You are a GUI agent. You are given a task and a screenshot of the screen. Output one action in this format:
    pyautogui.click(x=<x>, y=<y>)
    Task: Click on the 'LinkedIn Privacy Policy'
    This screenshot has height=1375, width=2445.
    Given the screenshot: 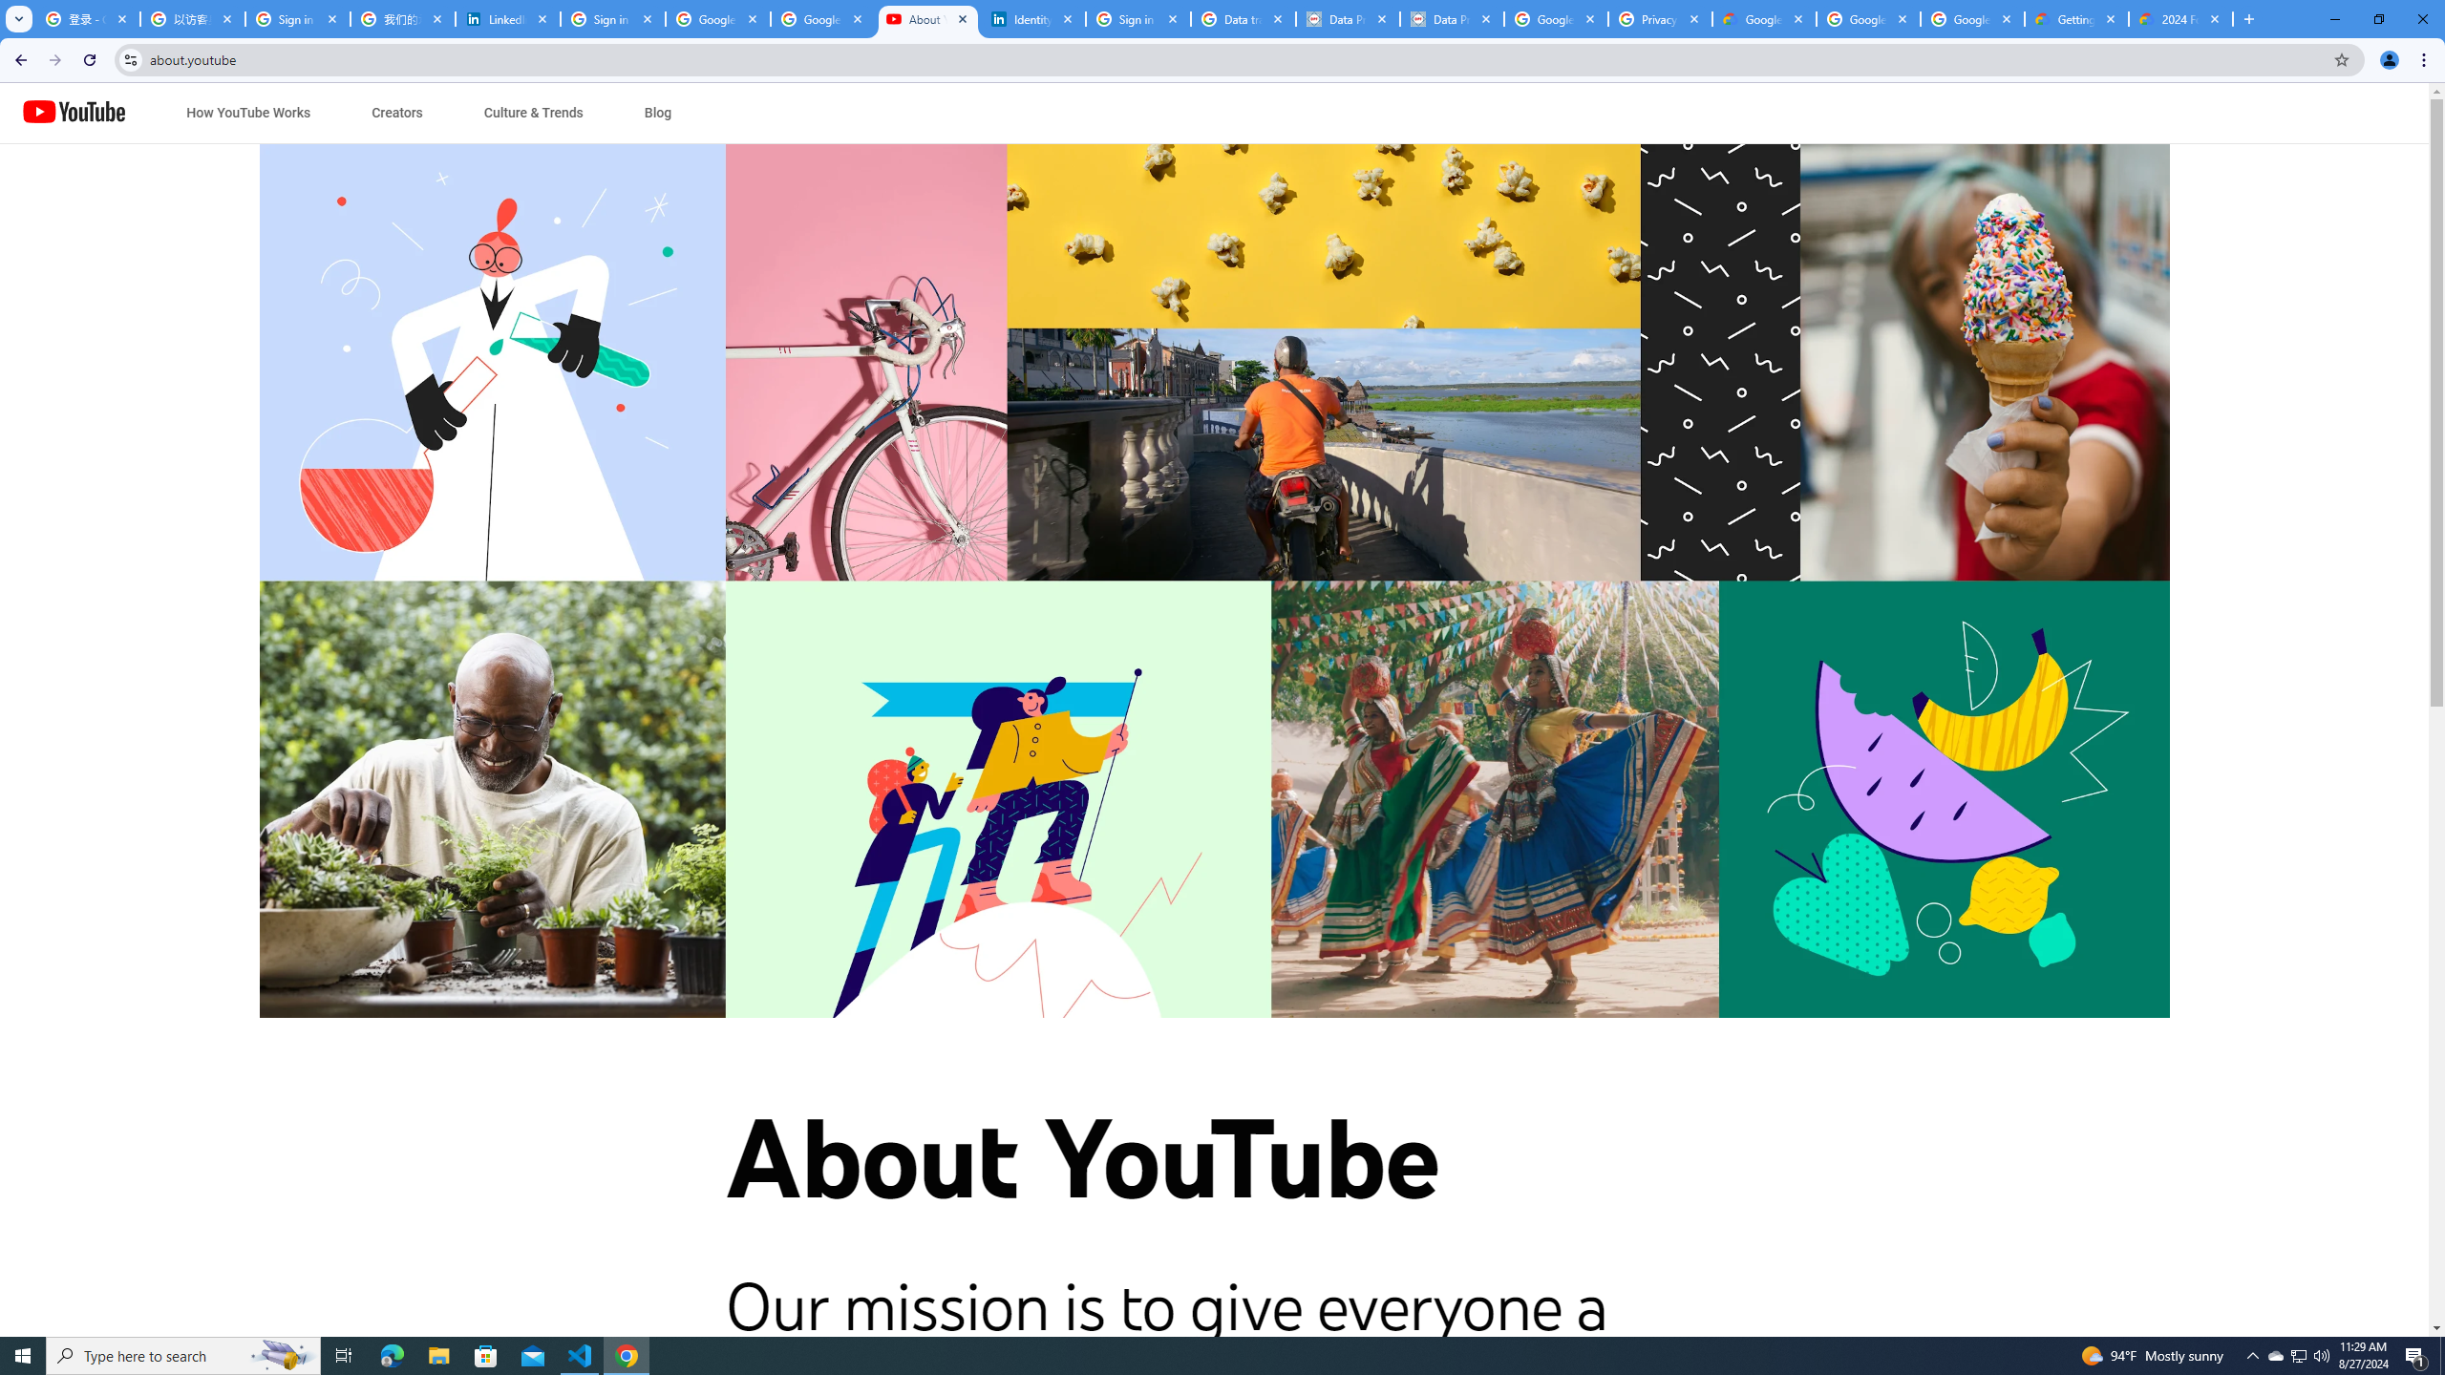 What is the action you would take?
    pyautogui.click(x=507, y=18)
    